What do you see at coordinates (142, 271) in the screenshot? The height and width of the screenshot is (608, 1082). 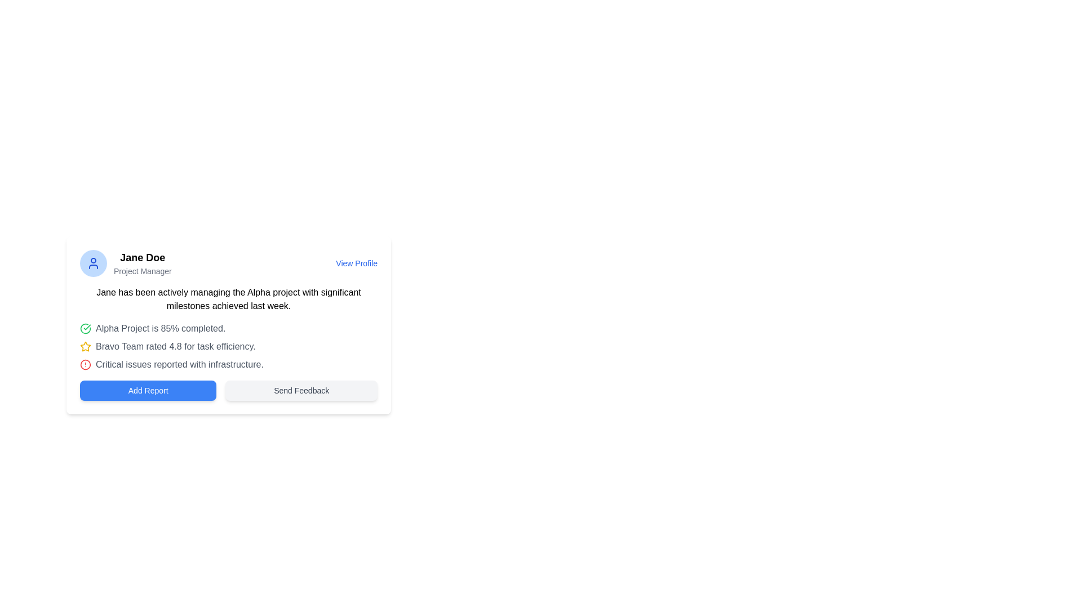 I see `the static text that serves as a descriptive label for the job title of the individual named 'Jane Doe', positioned directly below the name text within a card-like layout` at bounding box center [142, 271].